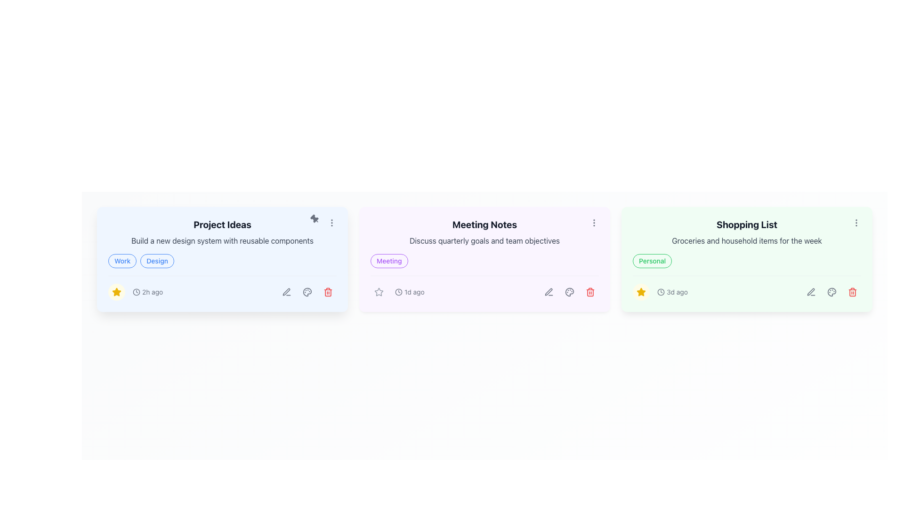 This screenshot has height=509, width=904. I want to click on the button with three stacked vertical dots located in the top-right corner of the 'Shopping List' card, so click(856, 223).